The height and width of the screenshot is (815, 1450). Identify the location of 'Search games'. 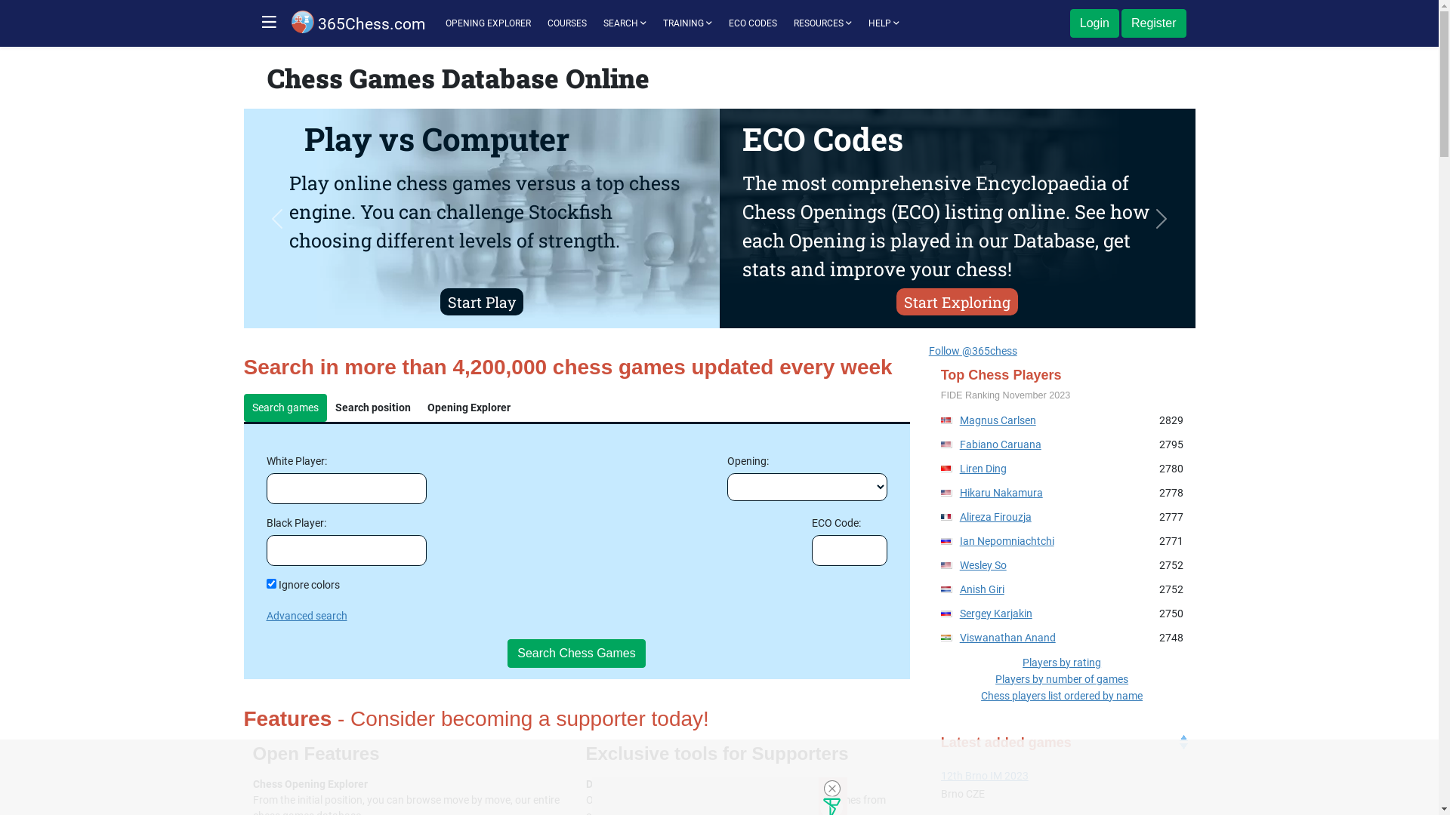
(285, 407).